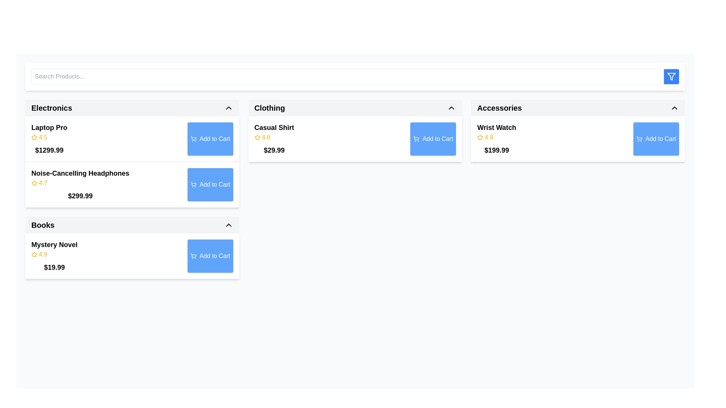 Image resolution: width=726 pixels, height=408 pixels. Describe the element at coordinates (34, 254) in the screenshot. I see `the star icon representing the rating for the 'Mystery Novel' item in the 'Books' section of the interface` at that location.